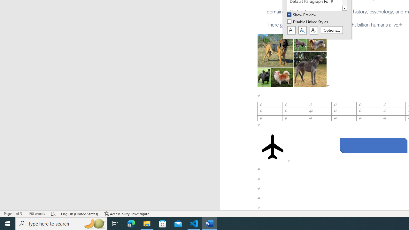  I want to click on 'Options...', so click(332, 30).